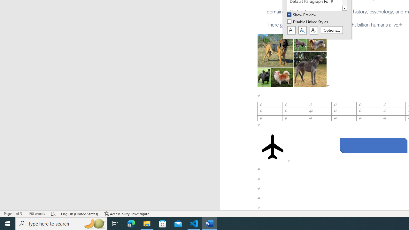  I want to click on 'Options...', so click(332, 30).